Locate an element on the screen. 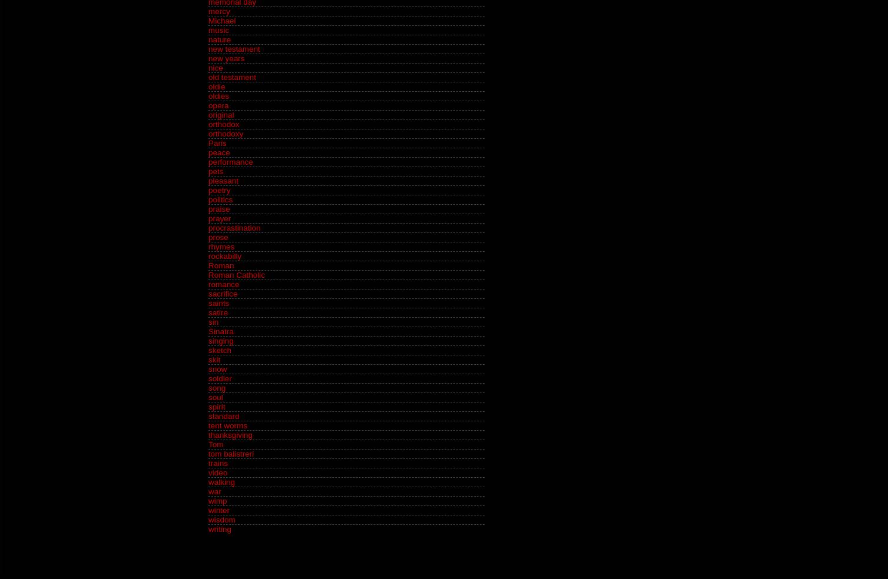 This screenshot has height=579, width=888. 'Roman Catholic' is located at coordinates (237, 275).